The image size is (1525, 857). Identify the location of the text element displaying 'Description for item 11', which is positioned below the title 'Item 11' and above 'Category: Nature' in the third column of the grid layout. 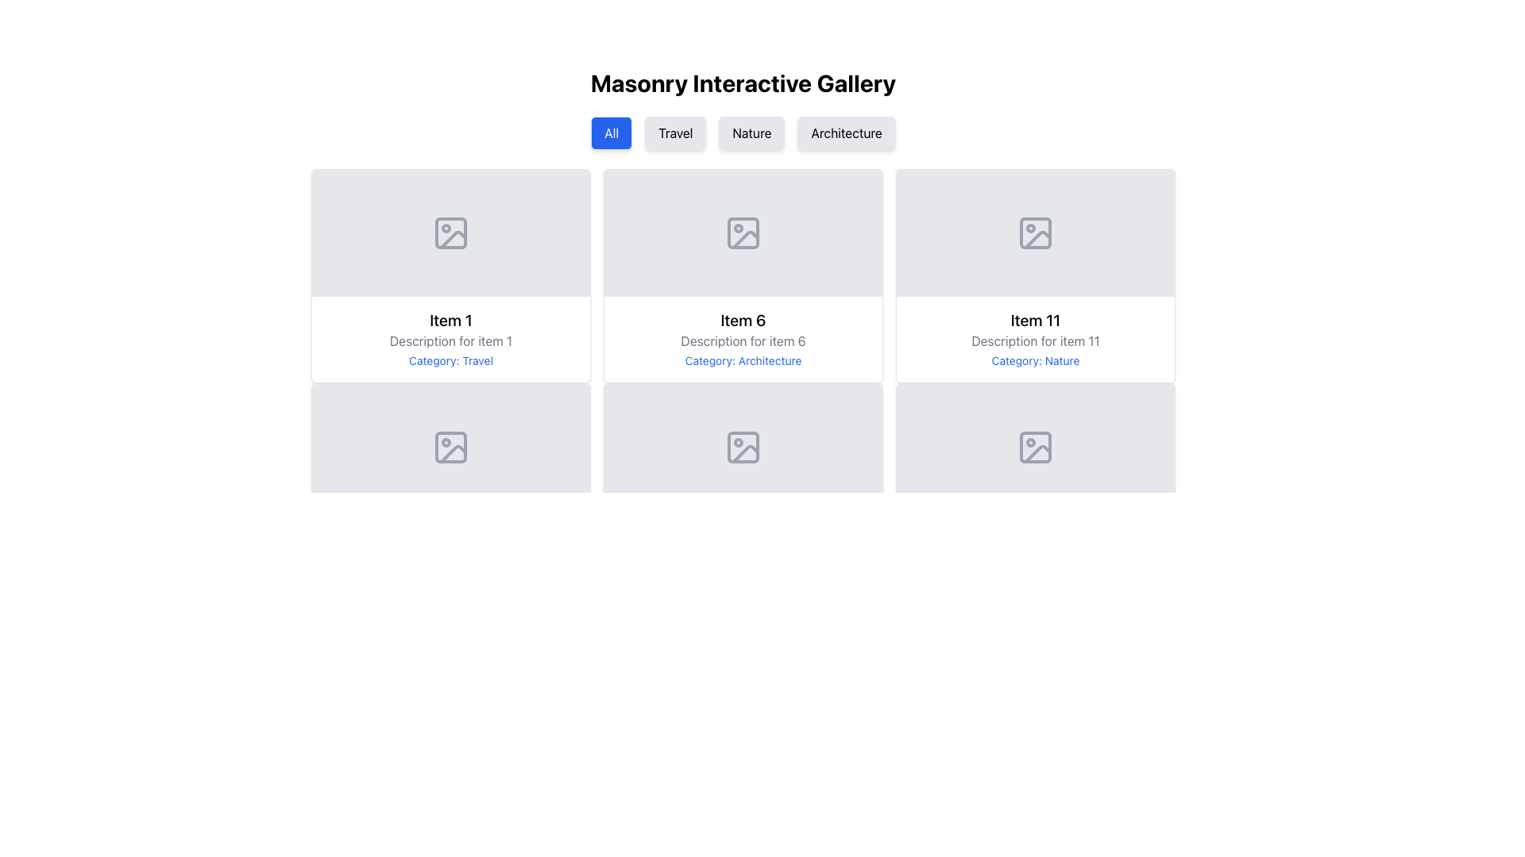
(1036, 340).